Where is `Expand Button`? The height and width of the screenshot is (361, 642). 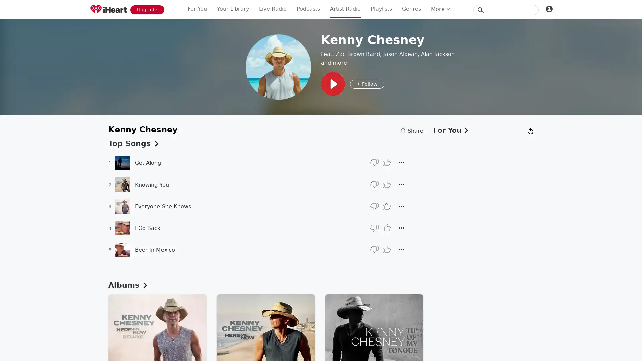
Expand Button is located at coordinates (630, 348).